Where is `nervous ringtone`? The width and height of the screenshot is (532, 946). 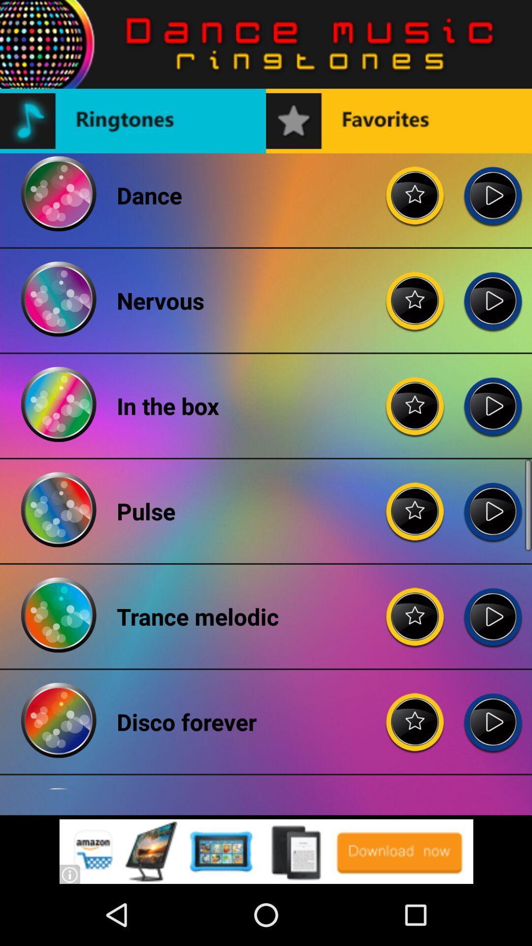 nervous ringtone is located at coordinates (493, 293).